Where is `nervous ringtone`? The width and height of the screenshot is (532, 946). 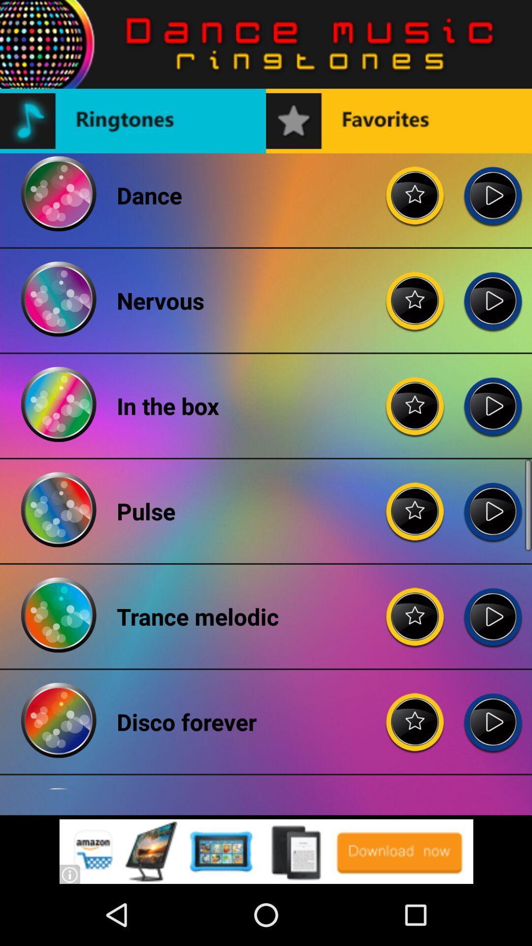 nervous ringtone is located at coordinates (493, 293).